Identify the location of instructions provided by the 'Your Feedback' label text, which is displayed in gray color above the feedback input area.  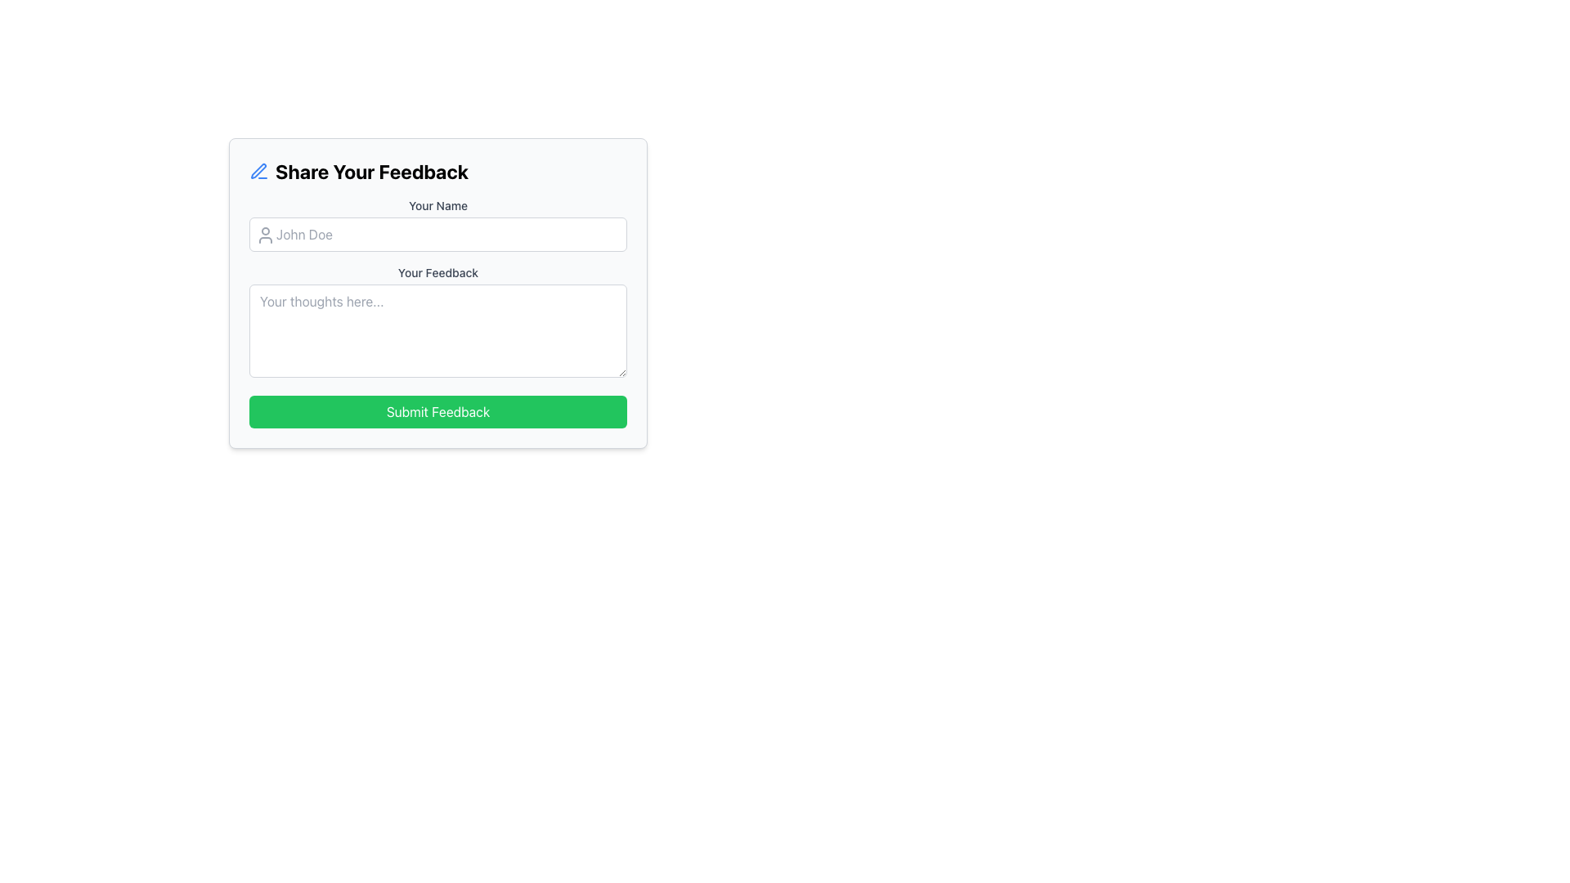
(438, 272).